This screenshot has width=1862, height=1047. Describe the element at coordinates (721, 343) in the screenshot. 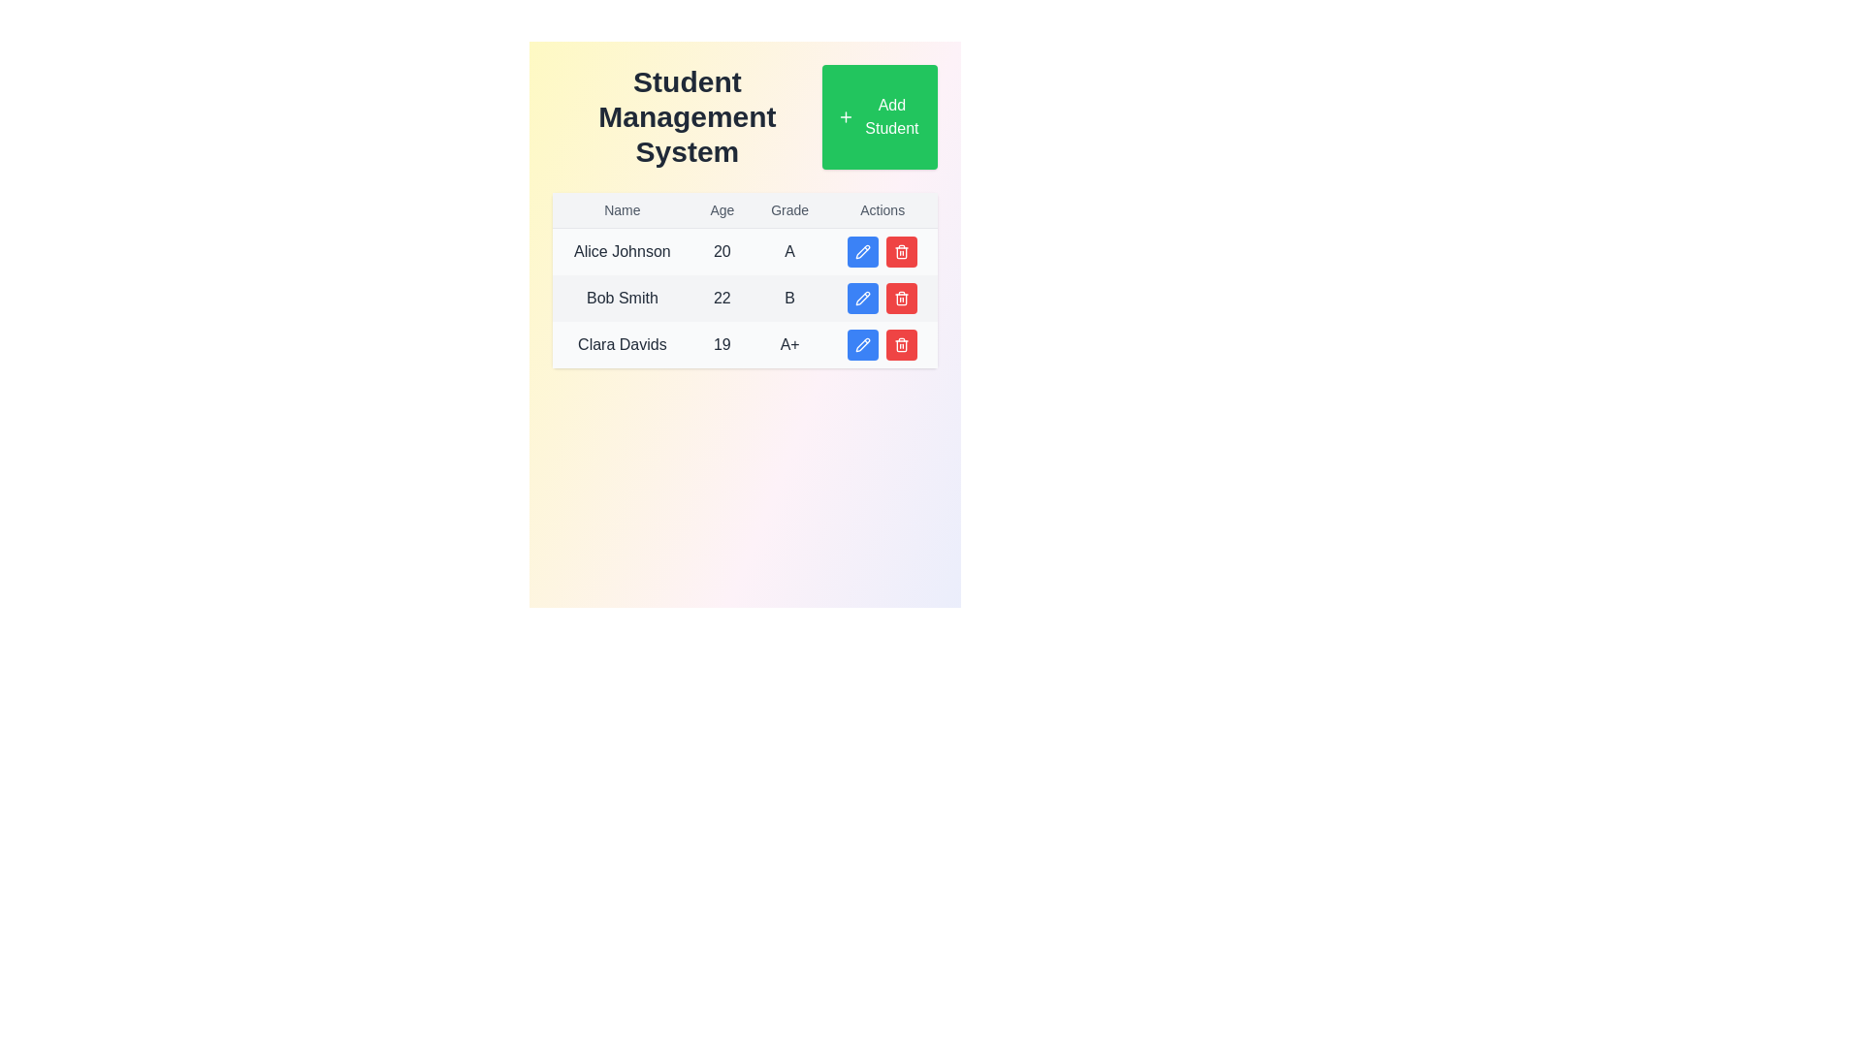

I see `the Text label displaying the age '19' in bold, located in the third row and second column of the table for student 'Clara Davids'` at that location.